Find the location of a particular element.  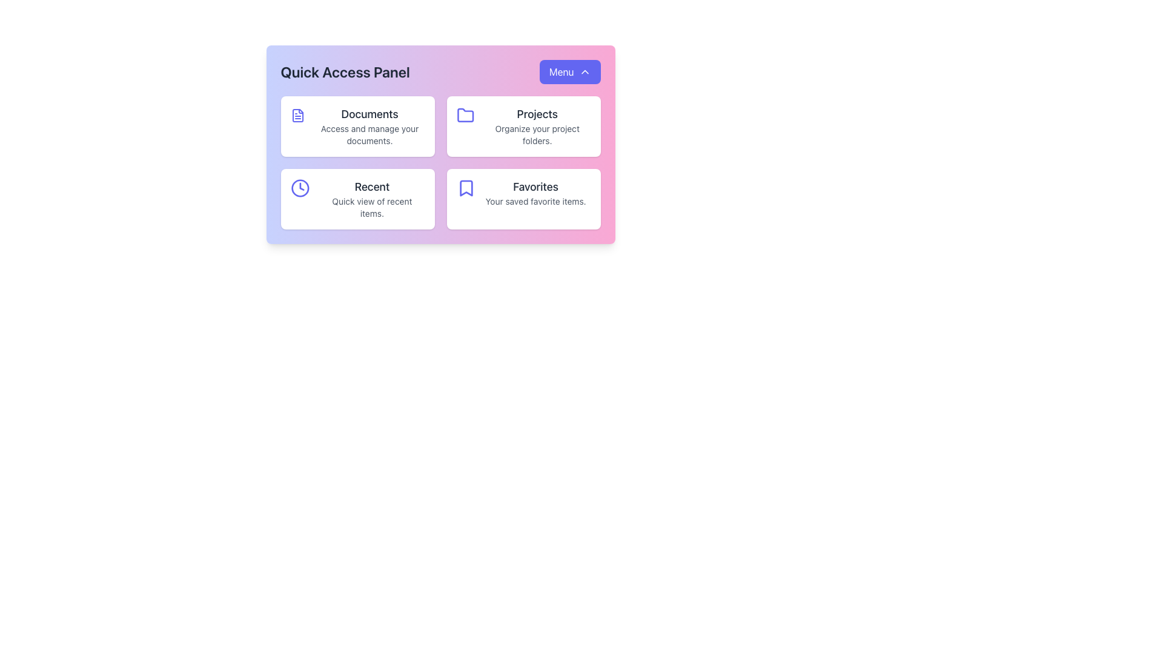

the button that toggles the dropdown menu in the 'Quick Access Panel' section, located in the top-right corner is located at coordinates (569, 72).